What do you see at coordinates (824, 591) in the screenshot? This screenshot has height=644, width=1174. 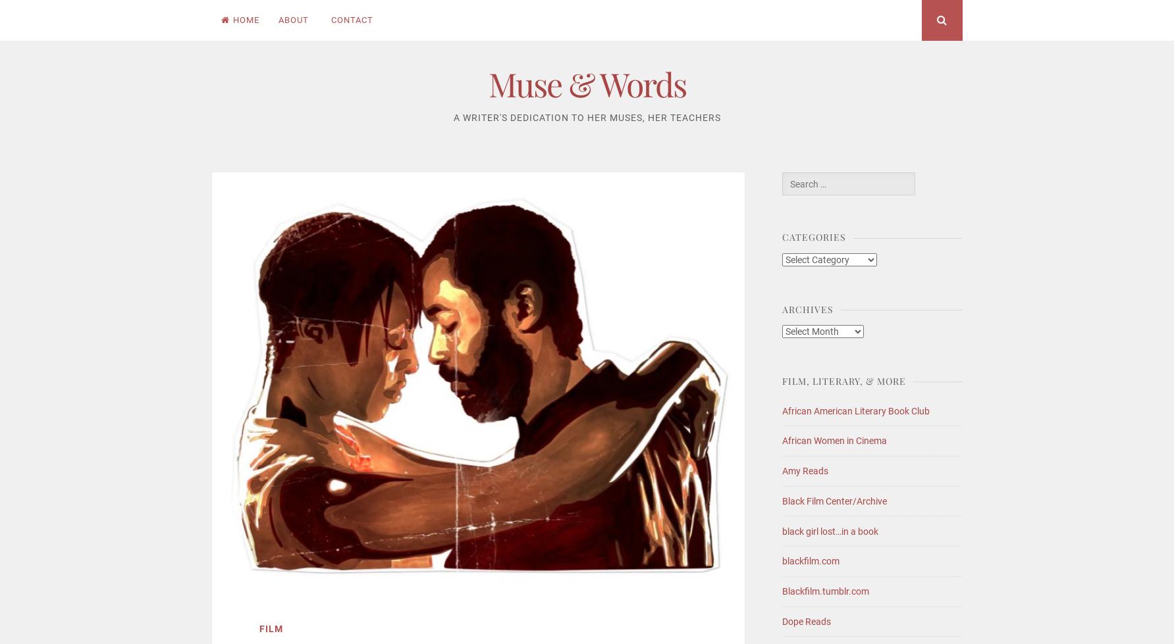 I see `'Blackfilm.tumblr.com'` at bounding box center [824, 591].